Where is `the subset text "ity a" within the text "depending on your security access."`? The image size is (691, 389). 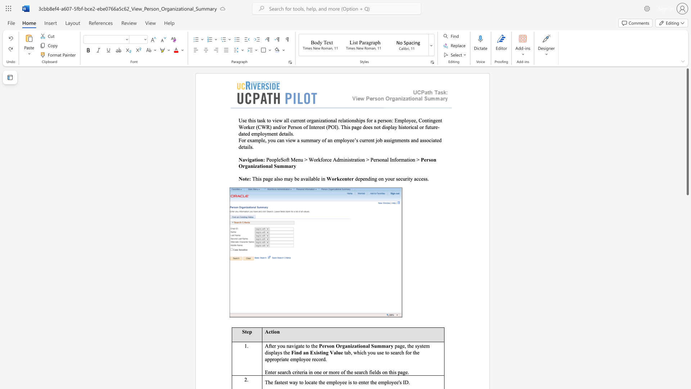
the subset text "ity a" within the text "depending on your security access." is located at coordinates (407, 178).